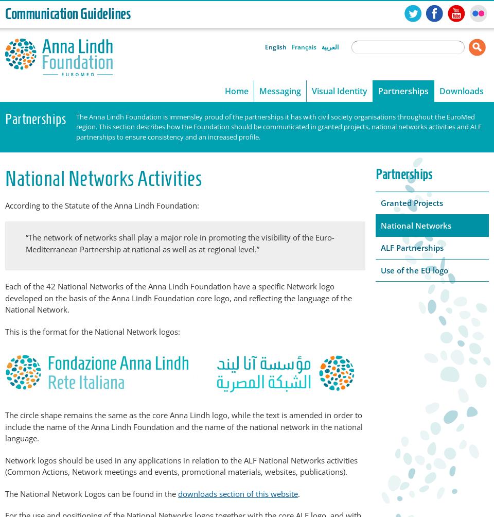 This screenshot has height=517, width=494. What do you see at coordinates (181, 465) in the screenshot?
I see `'Network logos should be used in any applications in relation to the ALF National Networks activities (Common Actions, Network meetings and events, promotional materials, websites, publications).'` at bounding box center [181, 465].